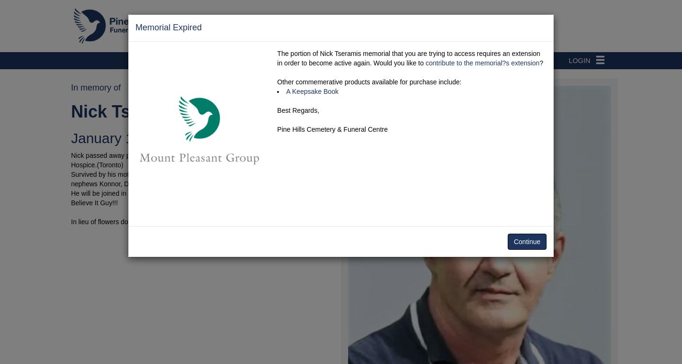 Image resolution: width=682 pixels, height=364 pixels. What do you see at coordinates (297, 110) in the screenshot?
I see `'Best Regards,'` at bounding box center [297, 110].